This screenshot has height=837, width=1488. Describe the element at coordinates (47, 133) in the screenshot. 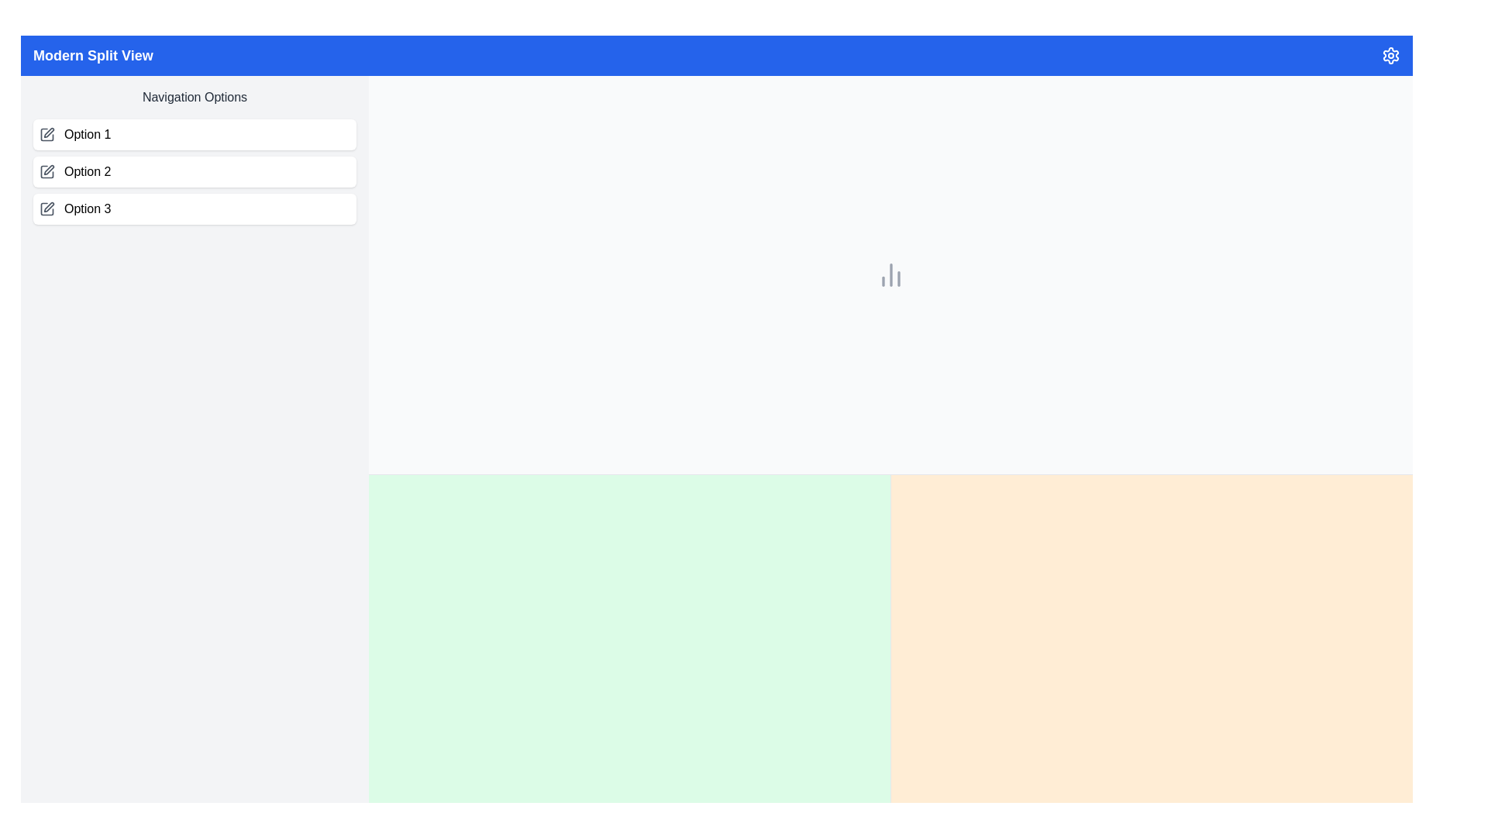

I see `the small graphical icon resembling a pen and square, which is gray in color and located to the left of the label 'Option 1' in the sidebar navigation` at that location.